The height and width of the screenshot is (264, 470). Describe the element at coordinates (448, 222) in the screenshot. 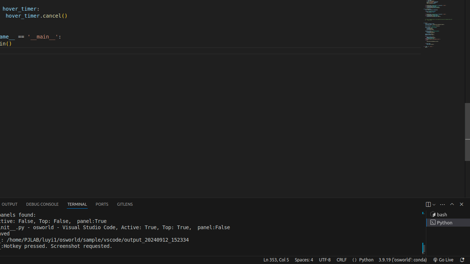

I see `'Terminal 5 Python'` at that location.